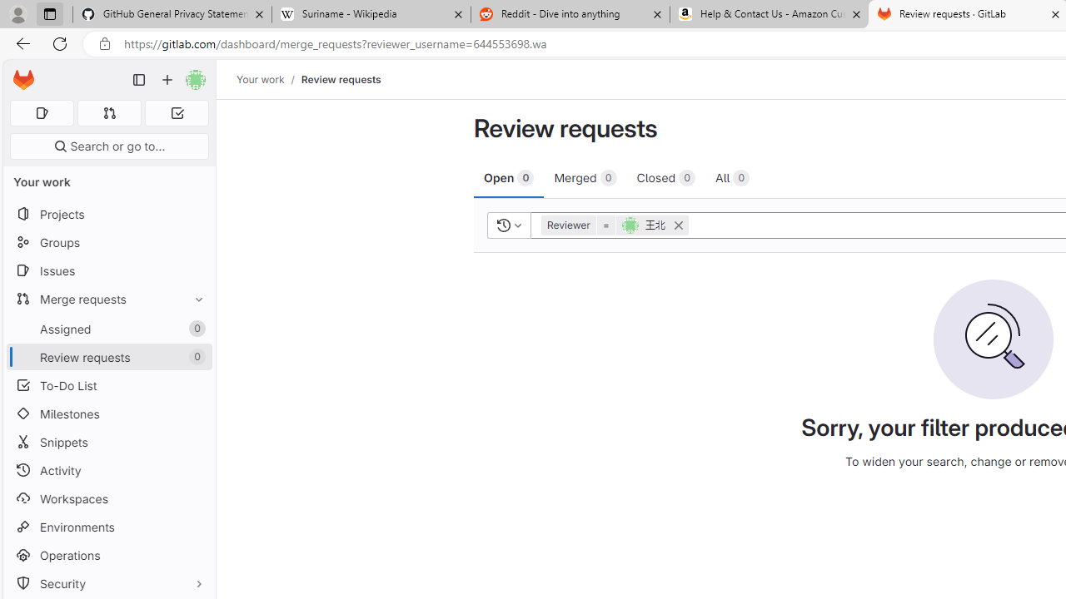  I want to click on 'Snippets', so click(108, 441).